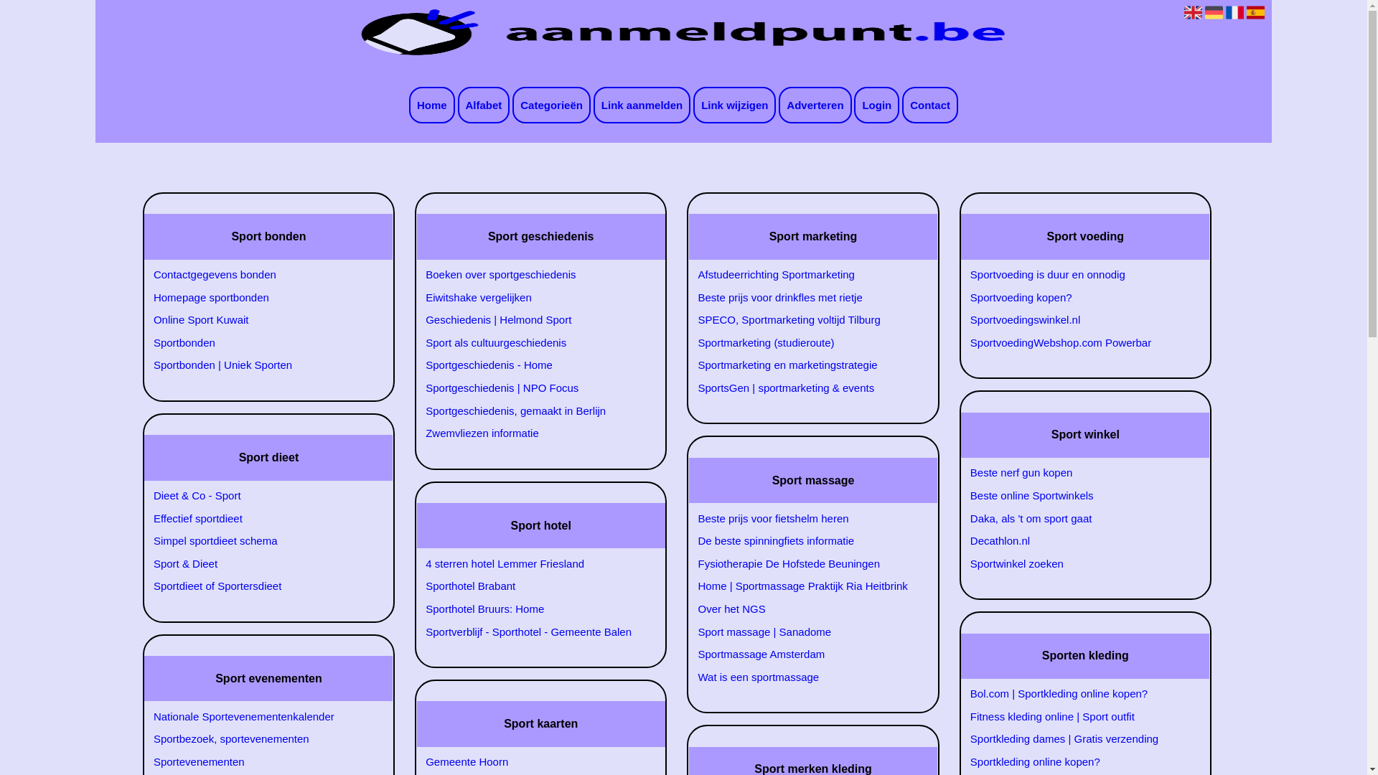 The width and height of the screenshot is (1378, 775). Describe the element at coordinates (261, 365) in the screenshot. I see `'Sportbonden | Uniek Sporten'` at that location.